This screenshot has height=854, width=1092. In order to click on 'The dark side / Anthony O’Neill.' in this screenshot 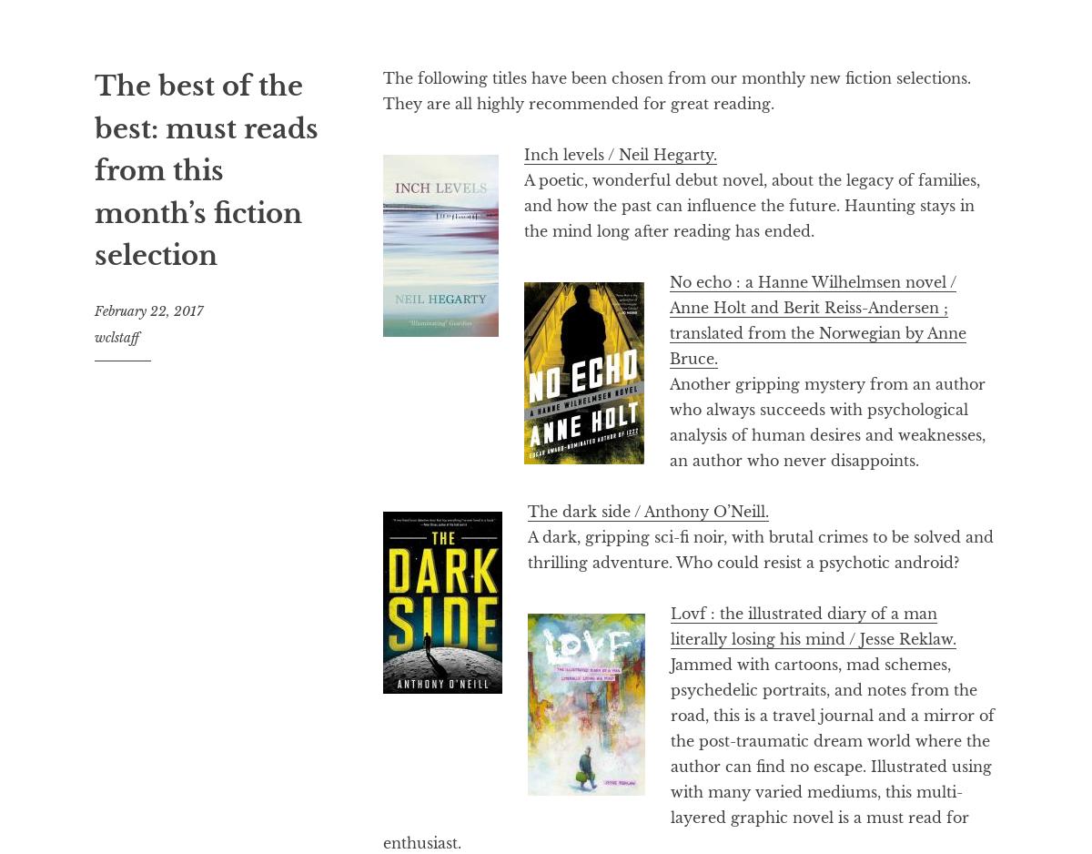, I will do `click(648, 511)`.